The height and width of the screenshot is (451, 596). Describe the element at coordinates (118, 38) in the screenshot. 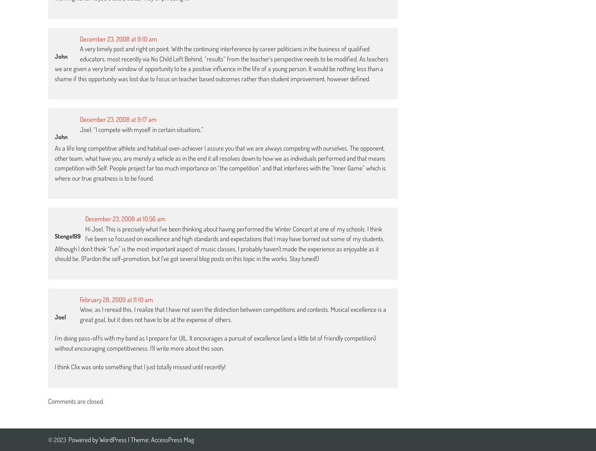

I see `'December 23, 2008 at 9:10 am'` at that location.